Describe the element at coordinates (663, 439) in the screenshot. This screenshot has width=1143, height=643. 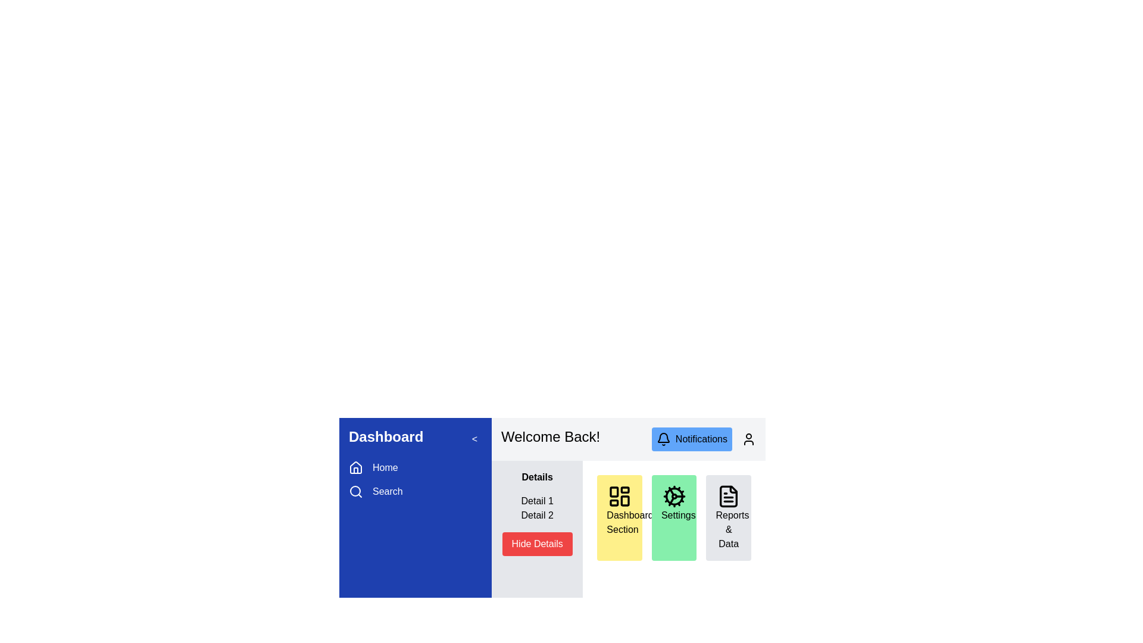
I see `the bell icon, which is a solid black outline positioned to the left of the 'Notifications' text` at that location.